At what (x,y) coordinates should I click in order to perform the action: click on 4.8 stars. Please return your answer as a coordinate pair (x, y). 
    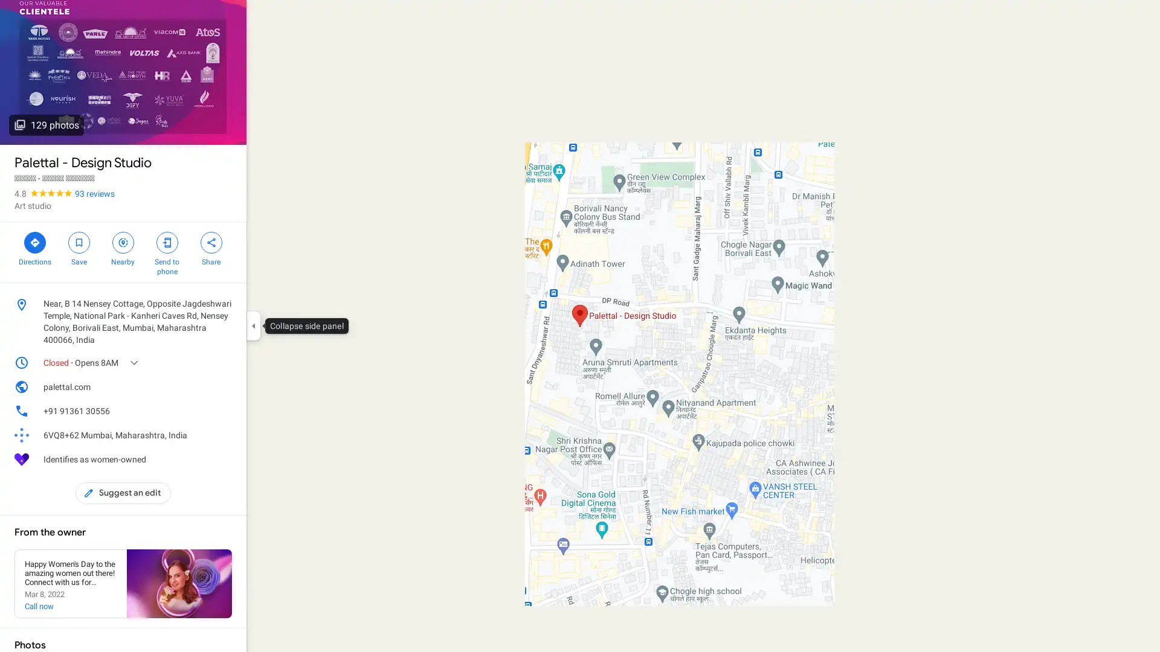
    Looking at the image, I should click on (44, 193).